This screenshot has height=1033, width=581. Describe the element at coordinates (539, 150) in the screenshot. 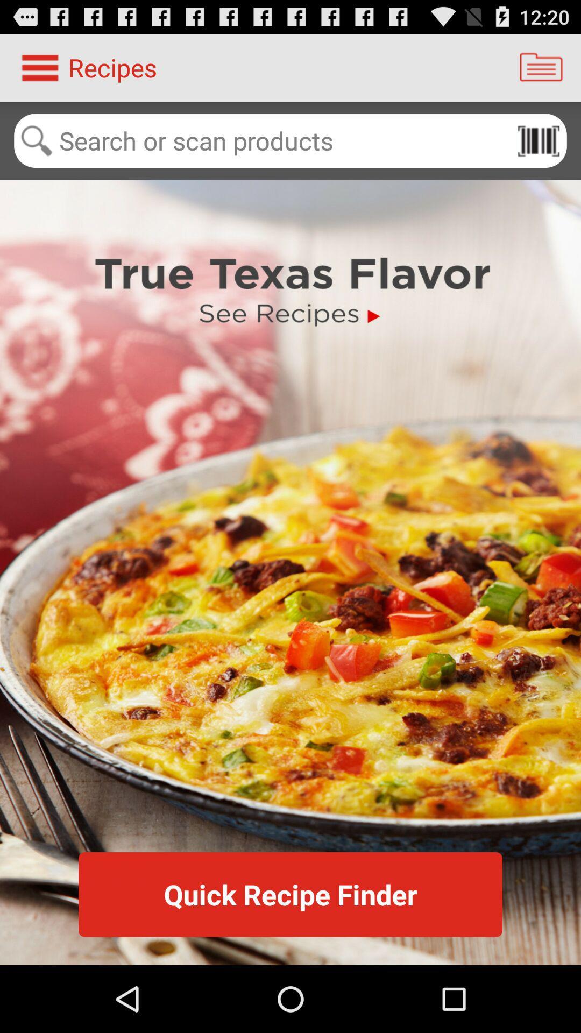

I see `the pause icon` at that location.